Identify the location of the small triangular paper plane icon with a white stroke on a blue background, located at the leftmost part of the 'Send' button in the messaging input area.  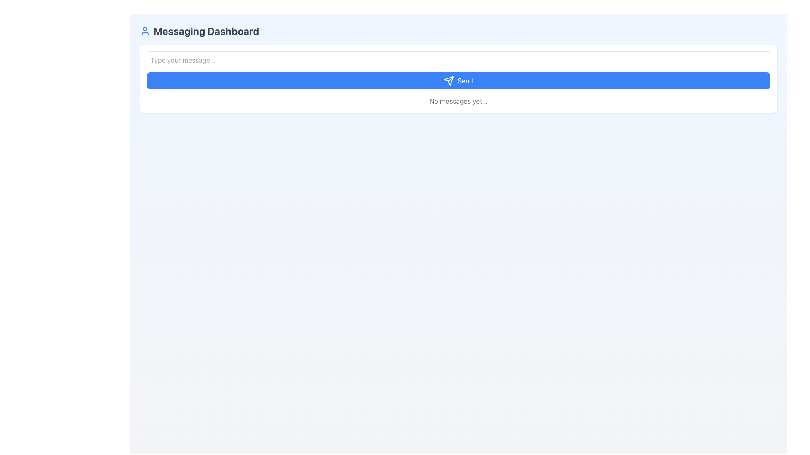
(448, 81).